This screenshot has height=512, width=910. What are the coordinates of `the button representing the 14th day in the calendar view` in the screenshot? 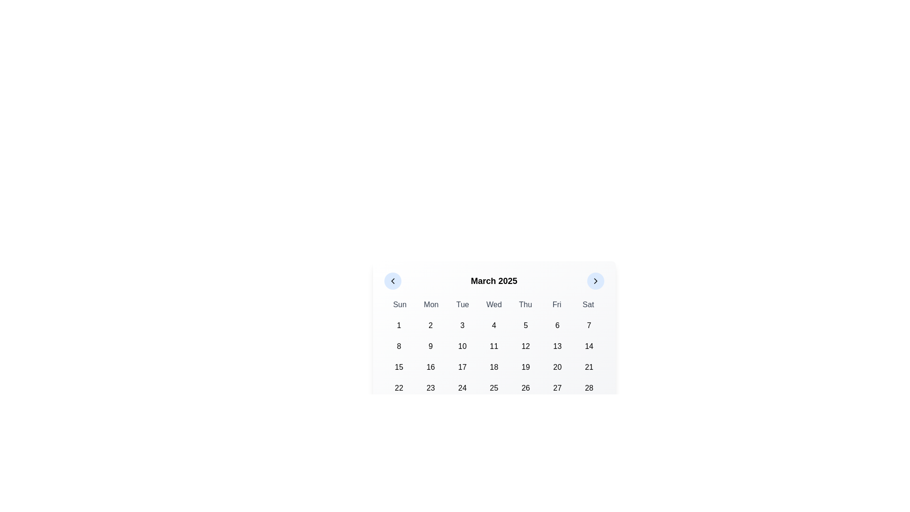 It's located at (589, 347).